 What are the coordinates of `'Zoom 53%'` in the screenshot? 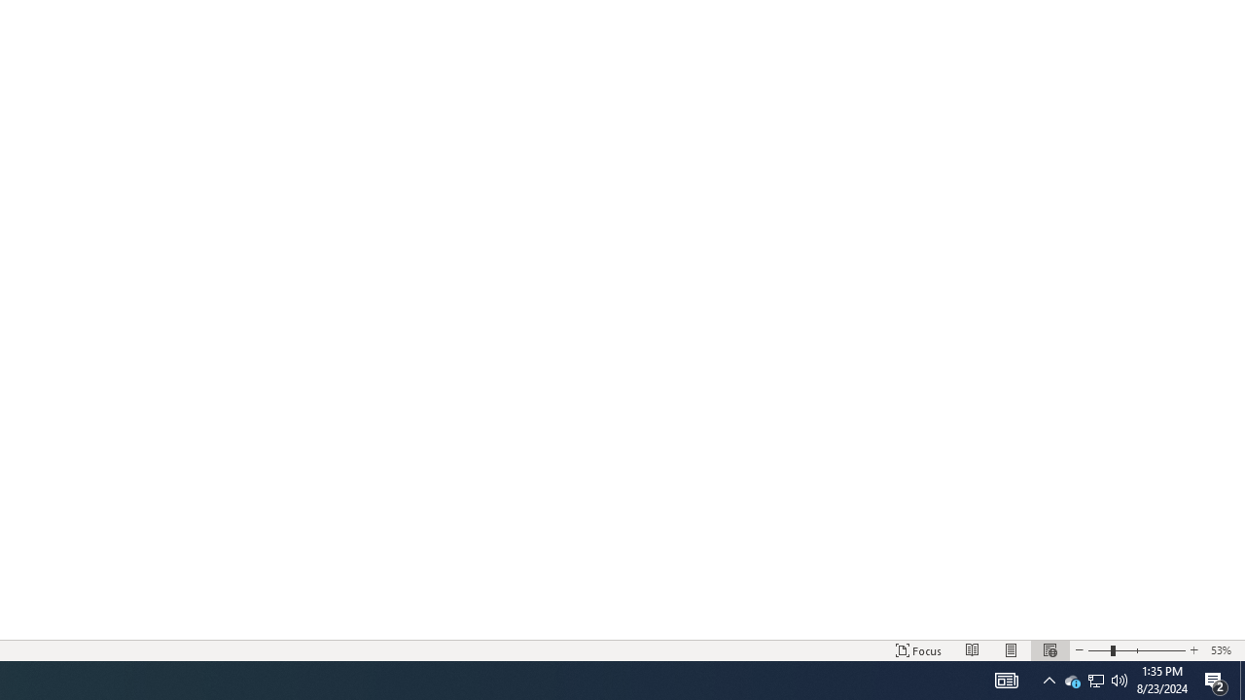 It's located at (1223, 650).